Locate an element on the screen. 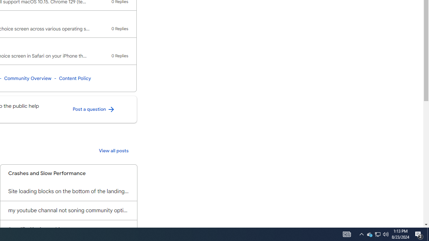  'View all posts' is located at coordinates (114, 151).